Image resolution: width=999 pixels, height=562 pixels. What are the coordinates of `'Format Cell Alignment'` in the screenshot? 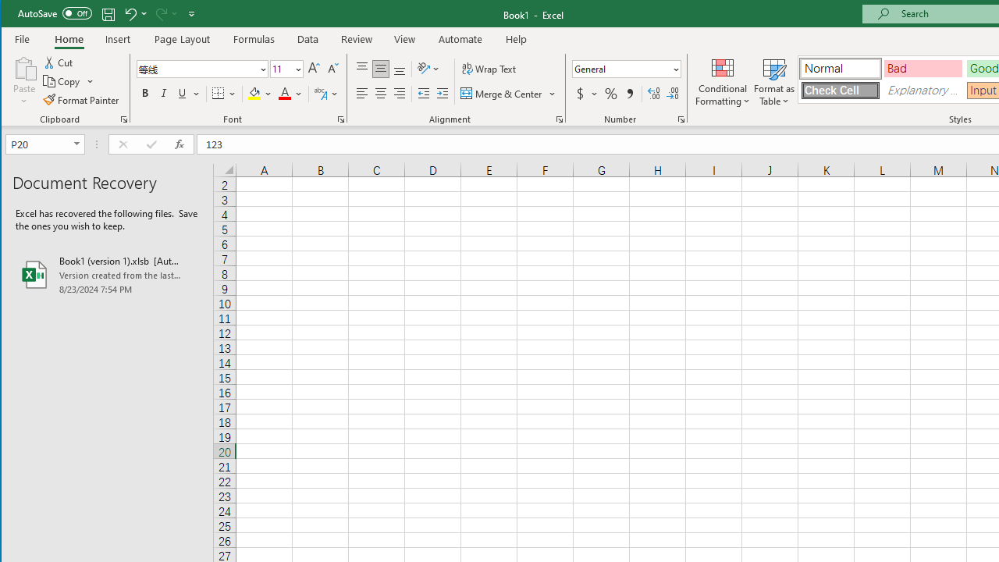 It's located at (559, 119).